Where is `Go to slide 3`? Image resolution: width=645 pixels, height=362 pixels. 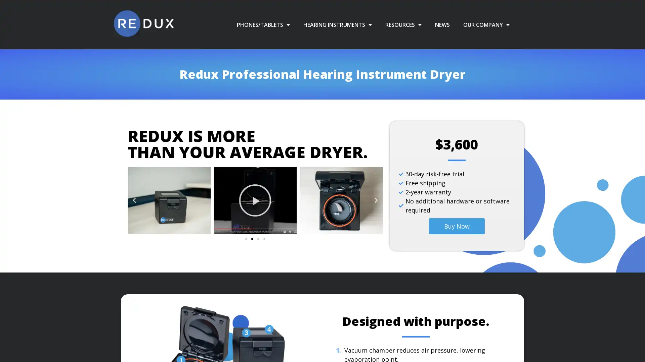
Go to slide 3 is located at coordinates (258, 239).